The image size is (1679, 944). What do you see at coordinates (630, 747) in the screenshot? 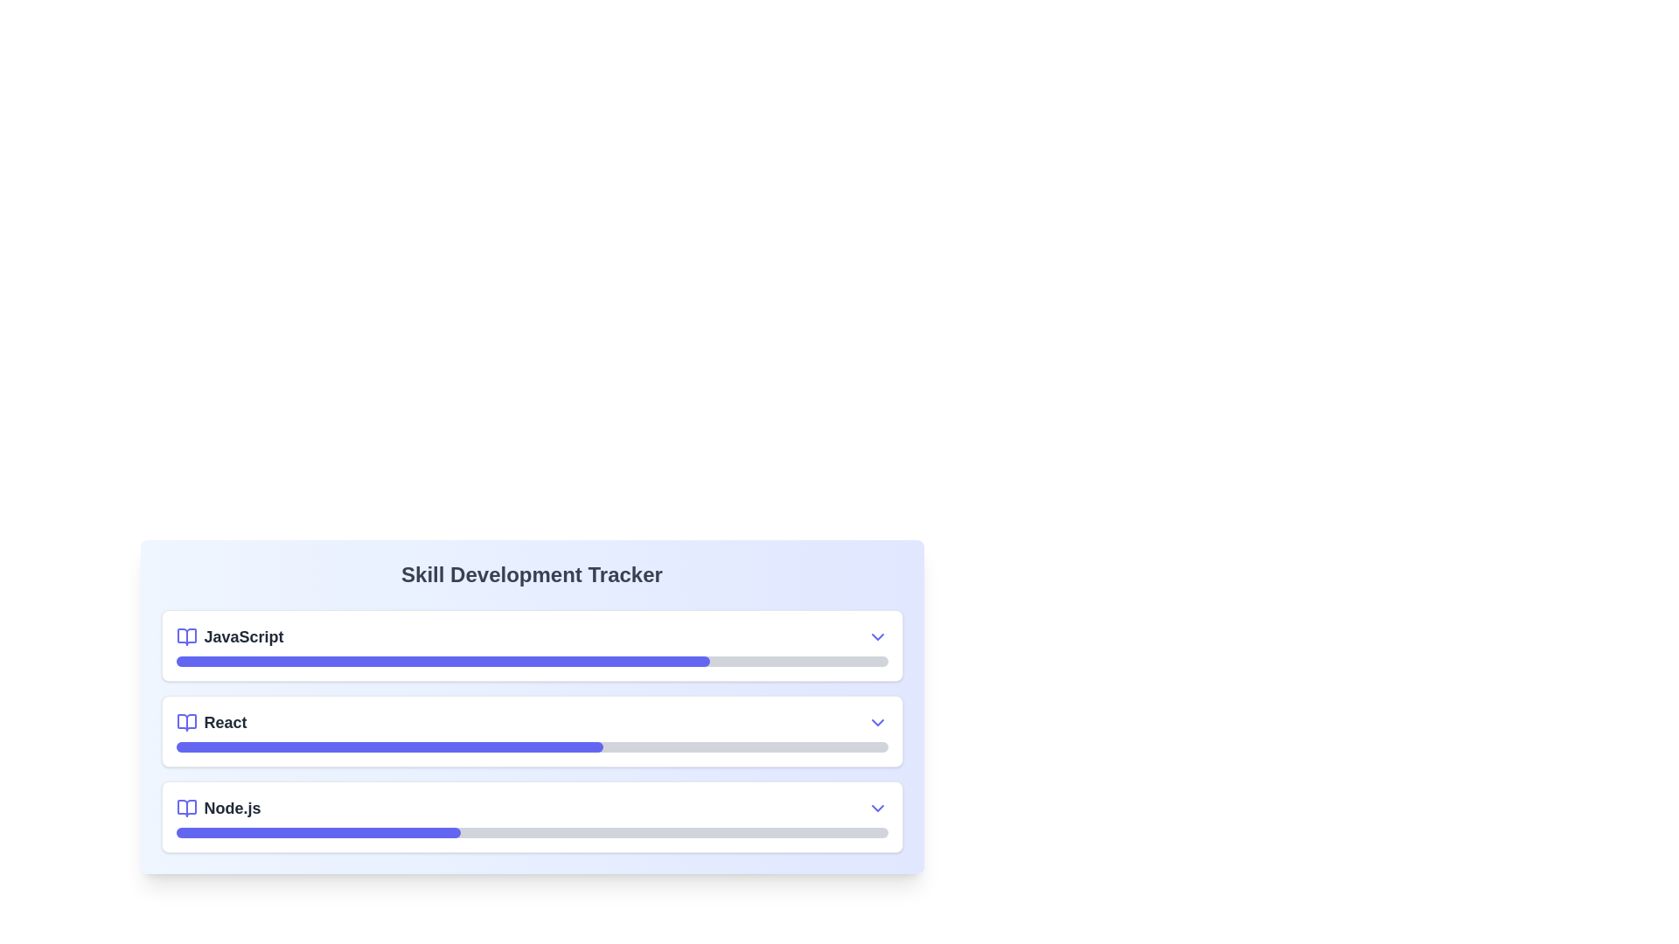
I see `the progress of the bar` at bounding box center [630, 747].